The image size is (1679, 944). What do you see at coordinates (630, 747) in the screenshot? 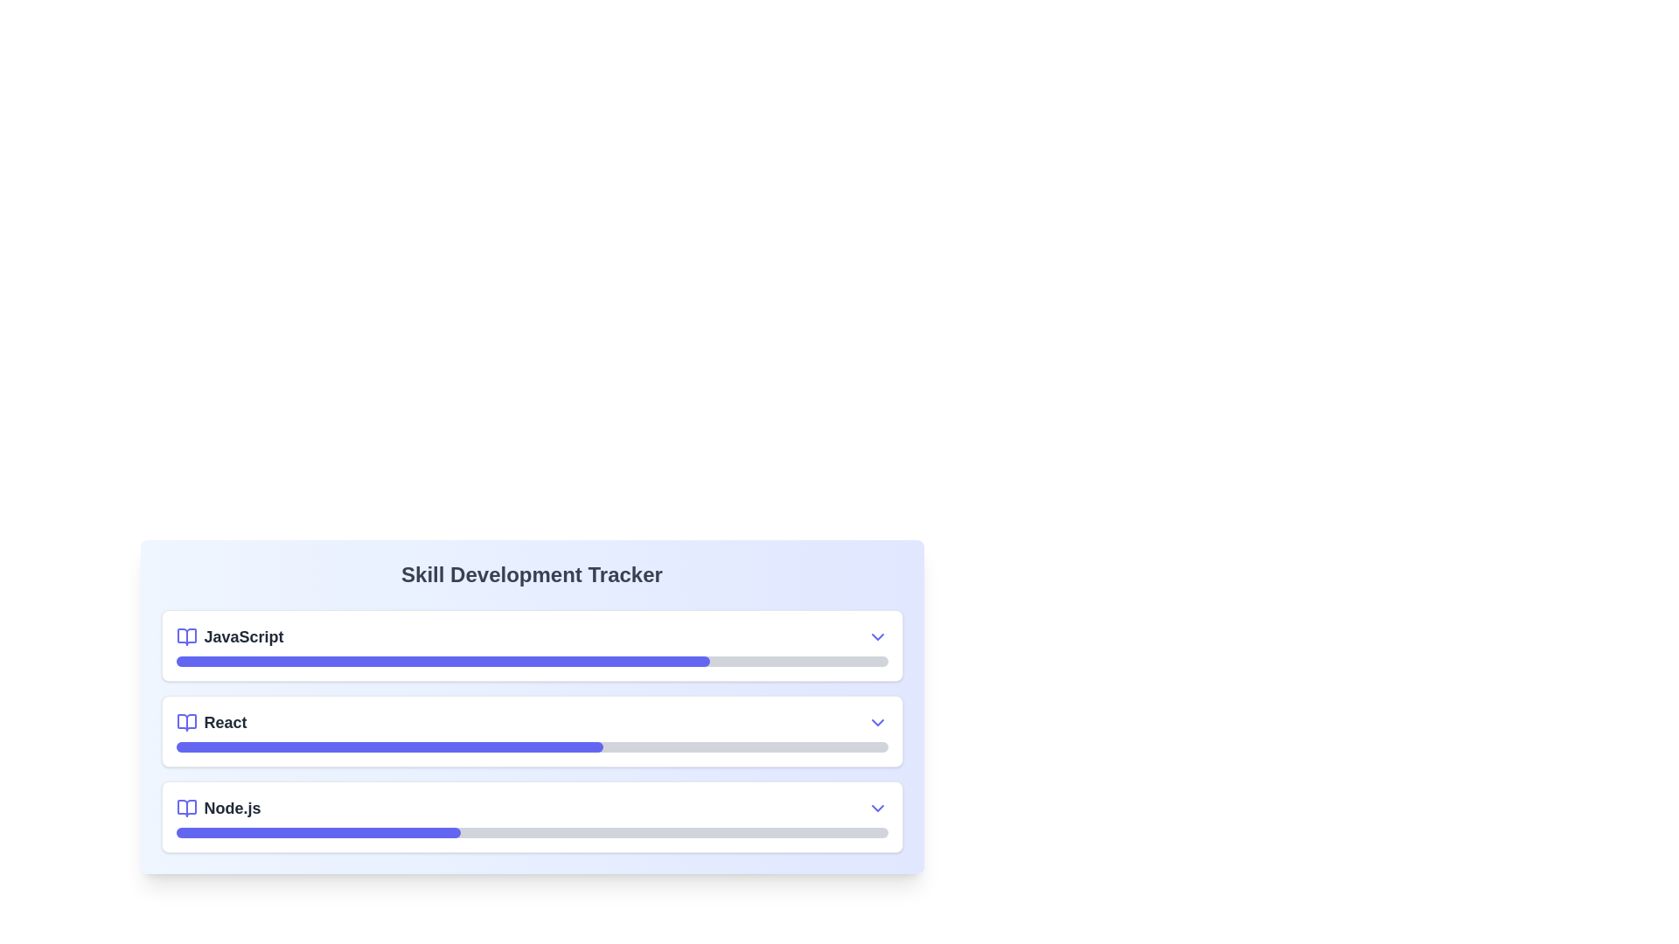
I see `the progress of the bar` at bounding box center [630, 747].